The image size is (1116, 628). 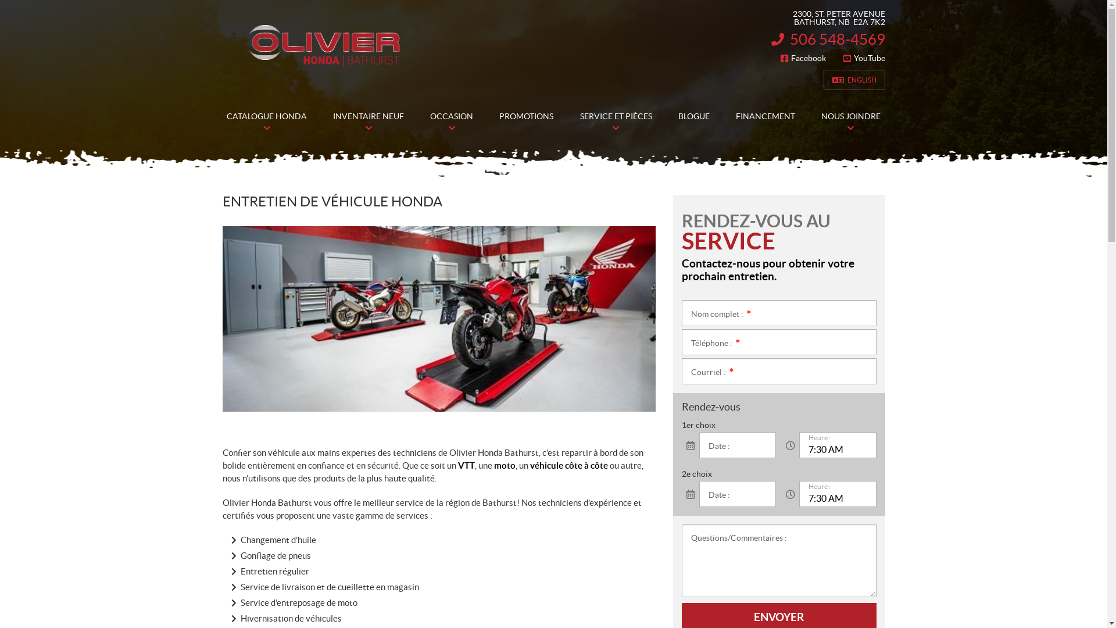 What do you see at coordinates (526, 116) in the screenshot?
I see `'PROMOTIONS'` at bounding box center [526, 116].